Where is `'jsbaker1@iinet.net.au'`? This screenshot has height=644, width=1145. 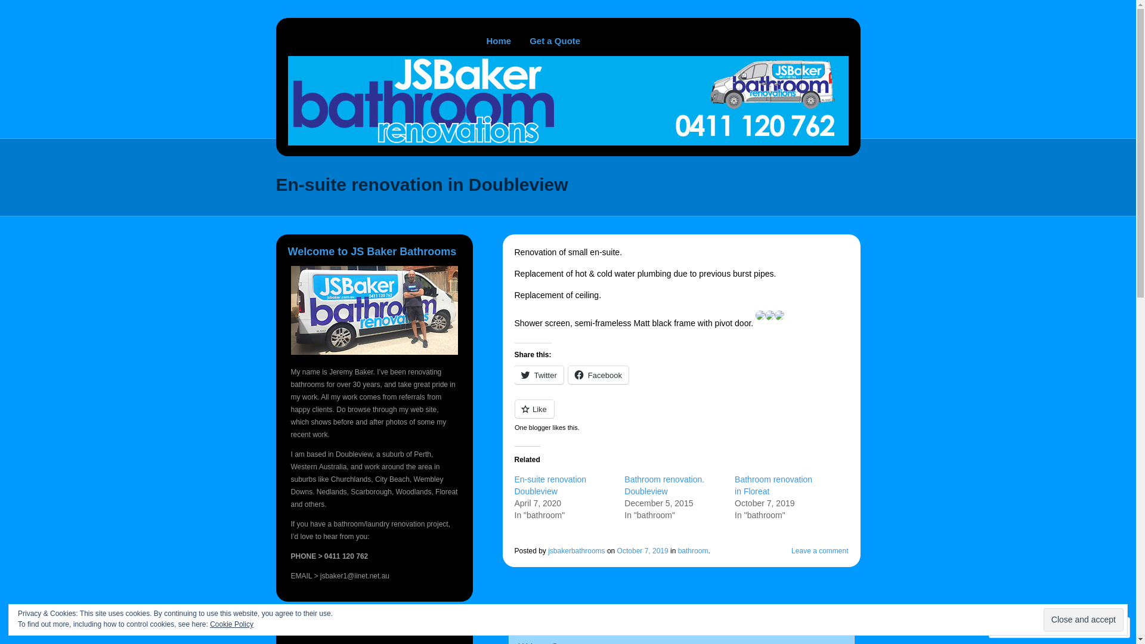
'jsbaker1@iinet.net.au' is located at coordinates (354, 575).